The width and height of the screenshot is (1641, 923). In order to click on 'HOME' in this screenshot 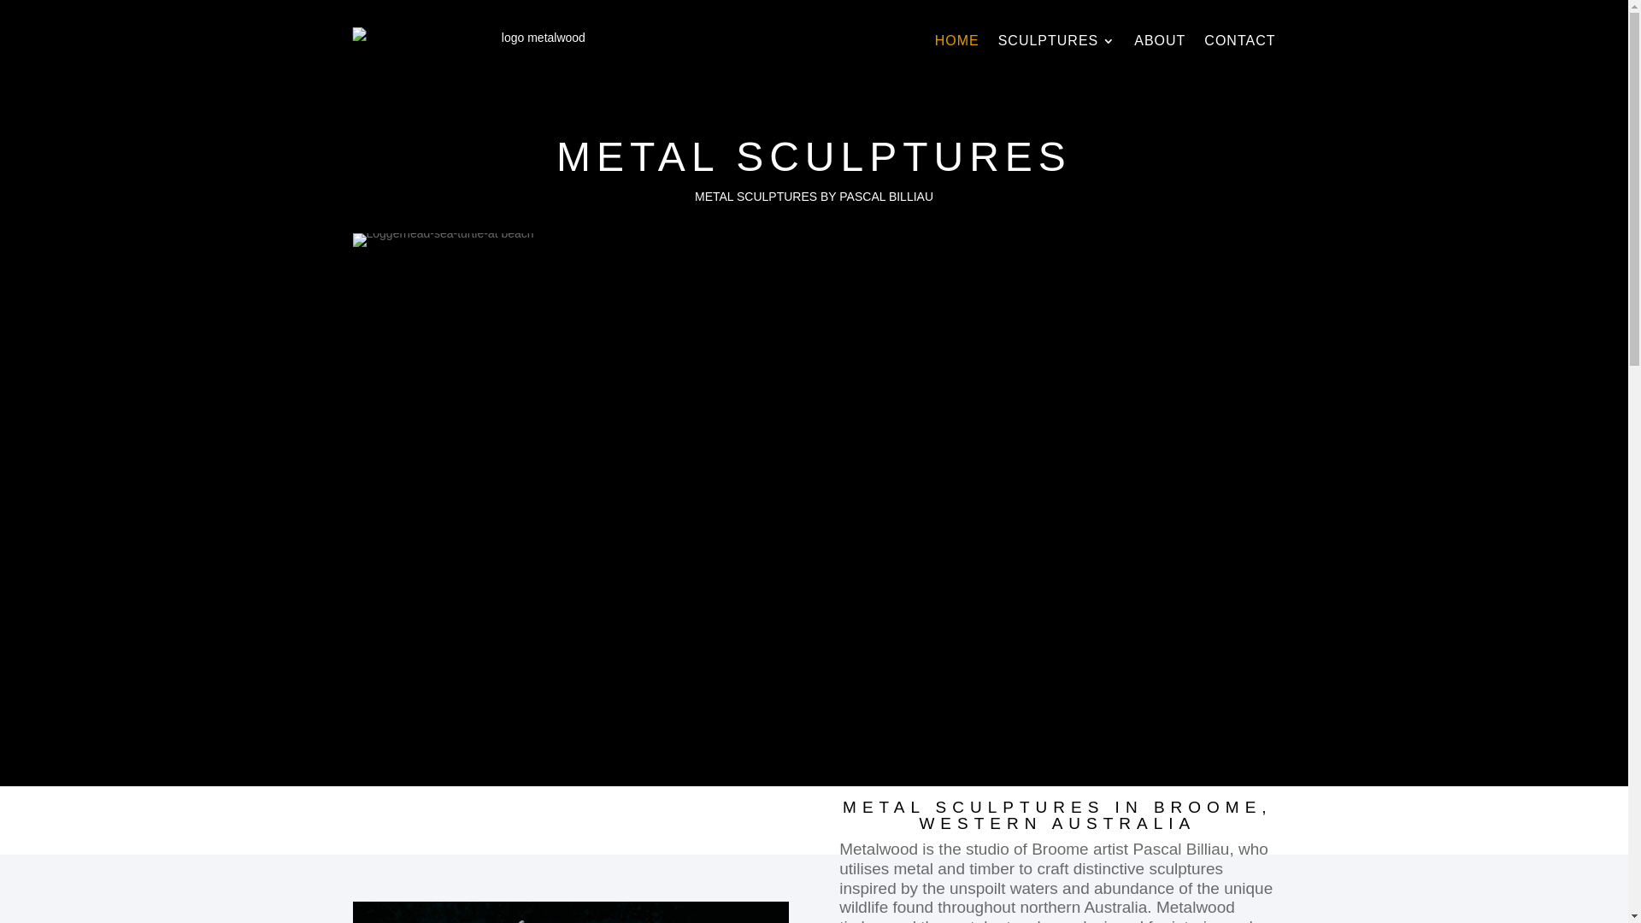, I will do `click(956, 39)`.